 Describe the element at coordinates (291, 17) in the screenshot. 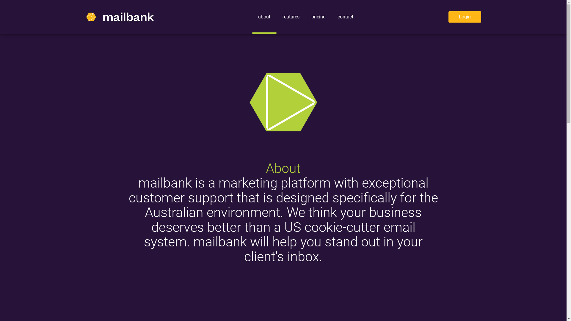

I see `'features'` at that location.